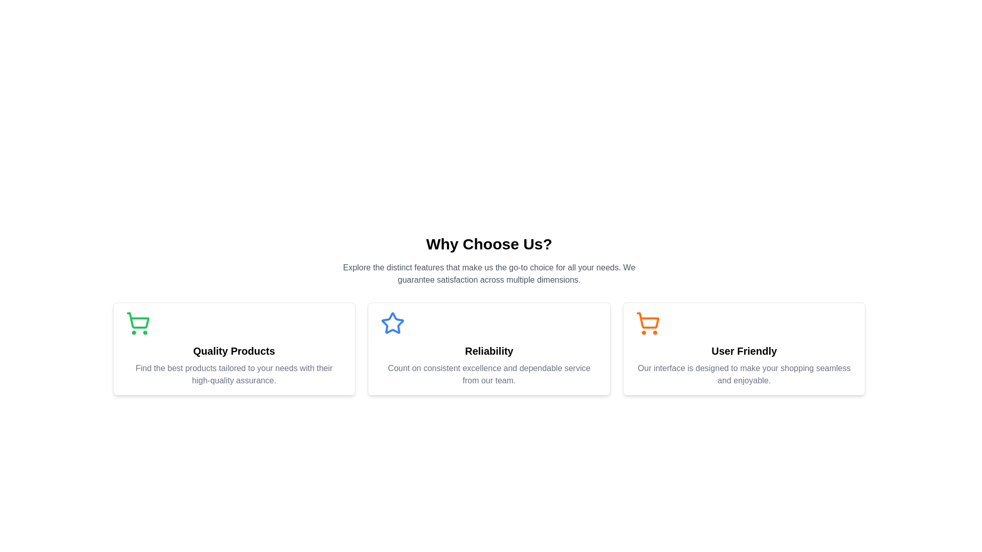 This screenshot has width=982, height=552. I want to click on text label that says 'Quality Products', which is a bold, black text centrally positioned within the first card of three horizontally arranged cards, so click(233, 350).